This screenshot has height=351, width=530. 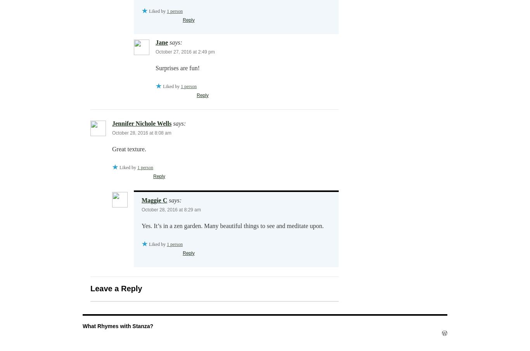 What do you see at coordinates (129, 149) in the screenshot?
I see `'Great texture.'` at bounding box center [129, 149].